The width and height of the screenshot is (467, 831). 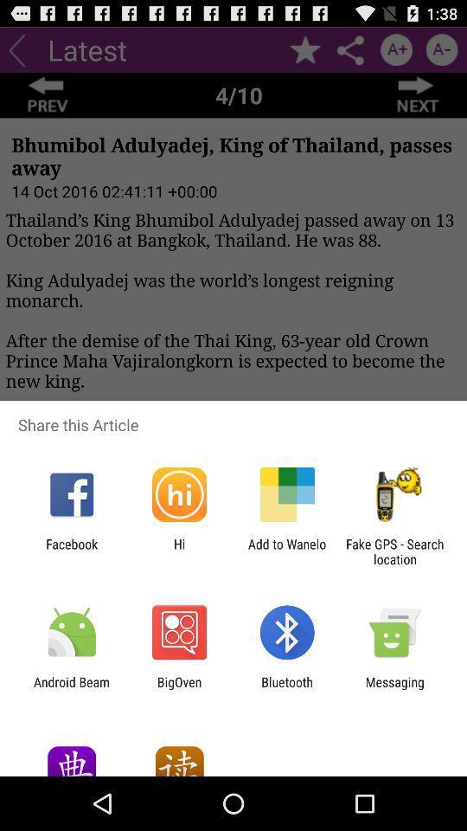 What do you see at coordinates (394, 551) in the screenshot?
I see `fake gps search item` at bounding box center [394, 551].